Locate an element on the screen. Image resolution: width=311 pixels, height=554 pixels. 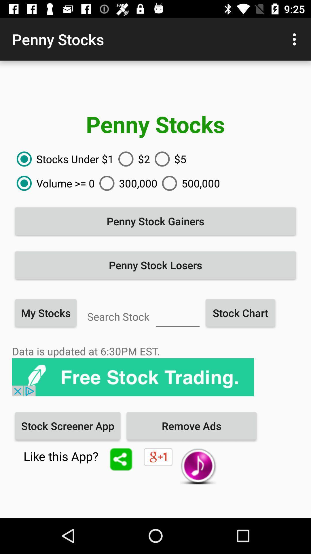
the stock name is located at coordinates (177, 315).